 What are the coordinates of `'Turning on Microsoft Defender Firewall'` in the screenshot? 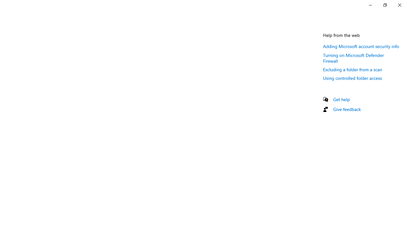 It's located at (353, 58).